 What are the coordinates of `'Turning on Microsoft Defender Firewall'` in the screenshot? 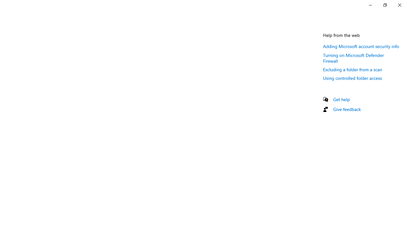 It's located at (353, 58).